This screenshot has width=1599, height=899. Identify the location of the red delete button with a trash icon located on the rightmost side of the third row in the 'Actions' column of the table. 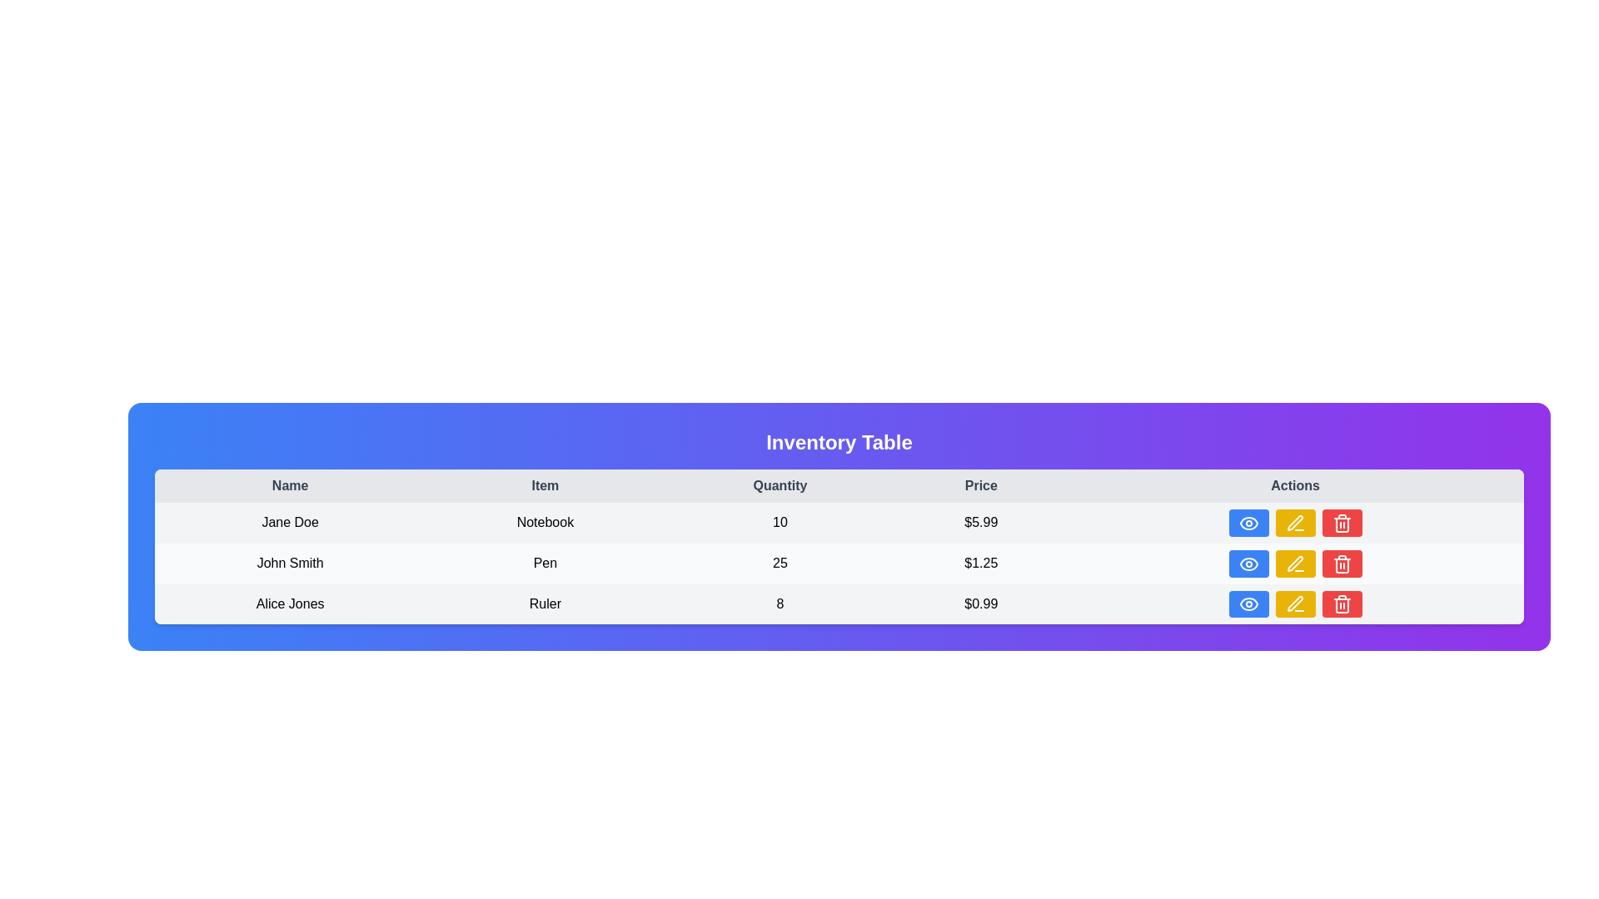
(1342, 522).